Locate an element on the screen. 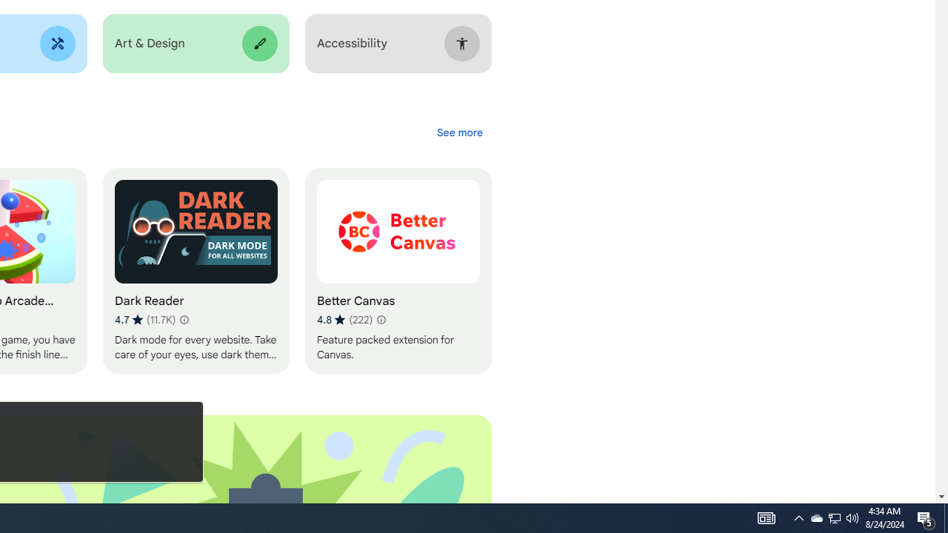 Image resolution: width=948 pixels, height=533 pixels. 'See more personalized recommendations' is located at coordinates (458, 132).